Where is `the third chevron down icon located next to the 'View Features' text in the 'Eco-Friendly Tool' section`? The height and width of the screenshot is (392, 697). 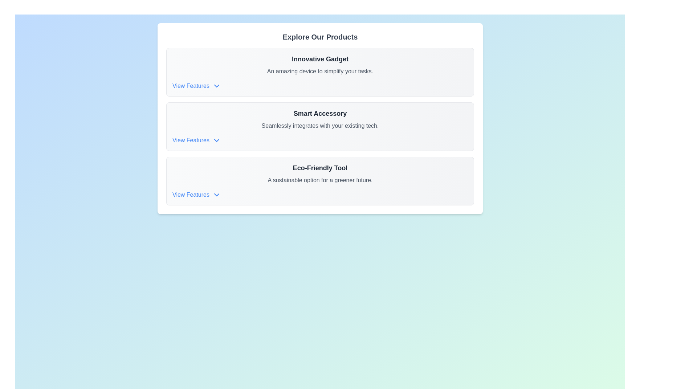
the third chevron down icon located next to the 'View Features' text in the 'Eco-Friendly Tool' section is located at coordinates (216, 194).